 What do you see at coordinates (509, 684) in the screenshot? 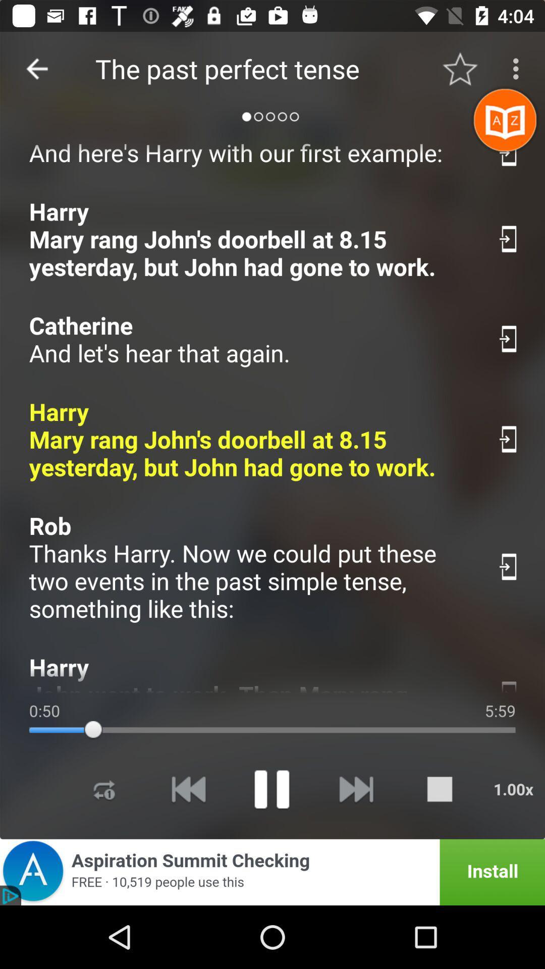
I see `send your phone` at bounding box center [509, 684].